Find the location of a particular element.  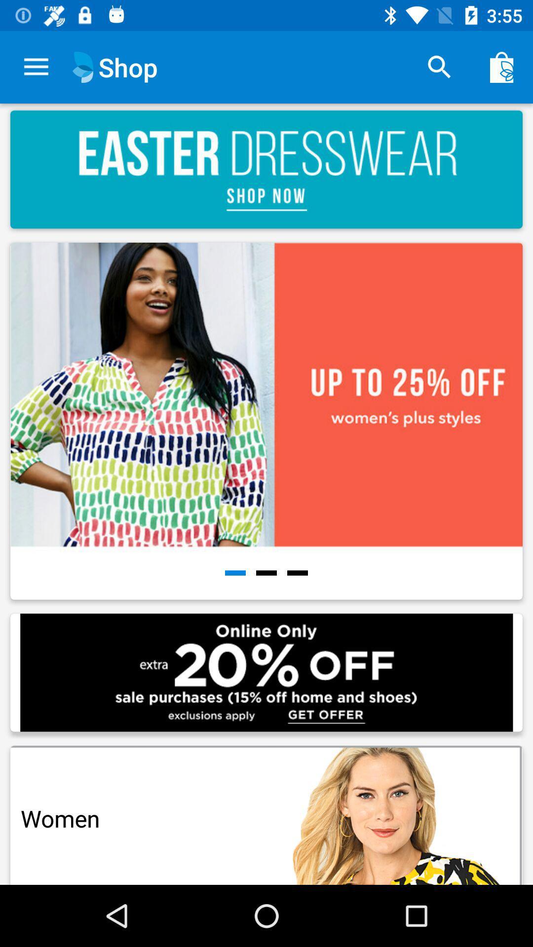

the 1st image completely is located at coordinates (269, 424).